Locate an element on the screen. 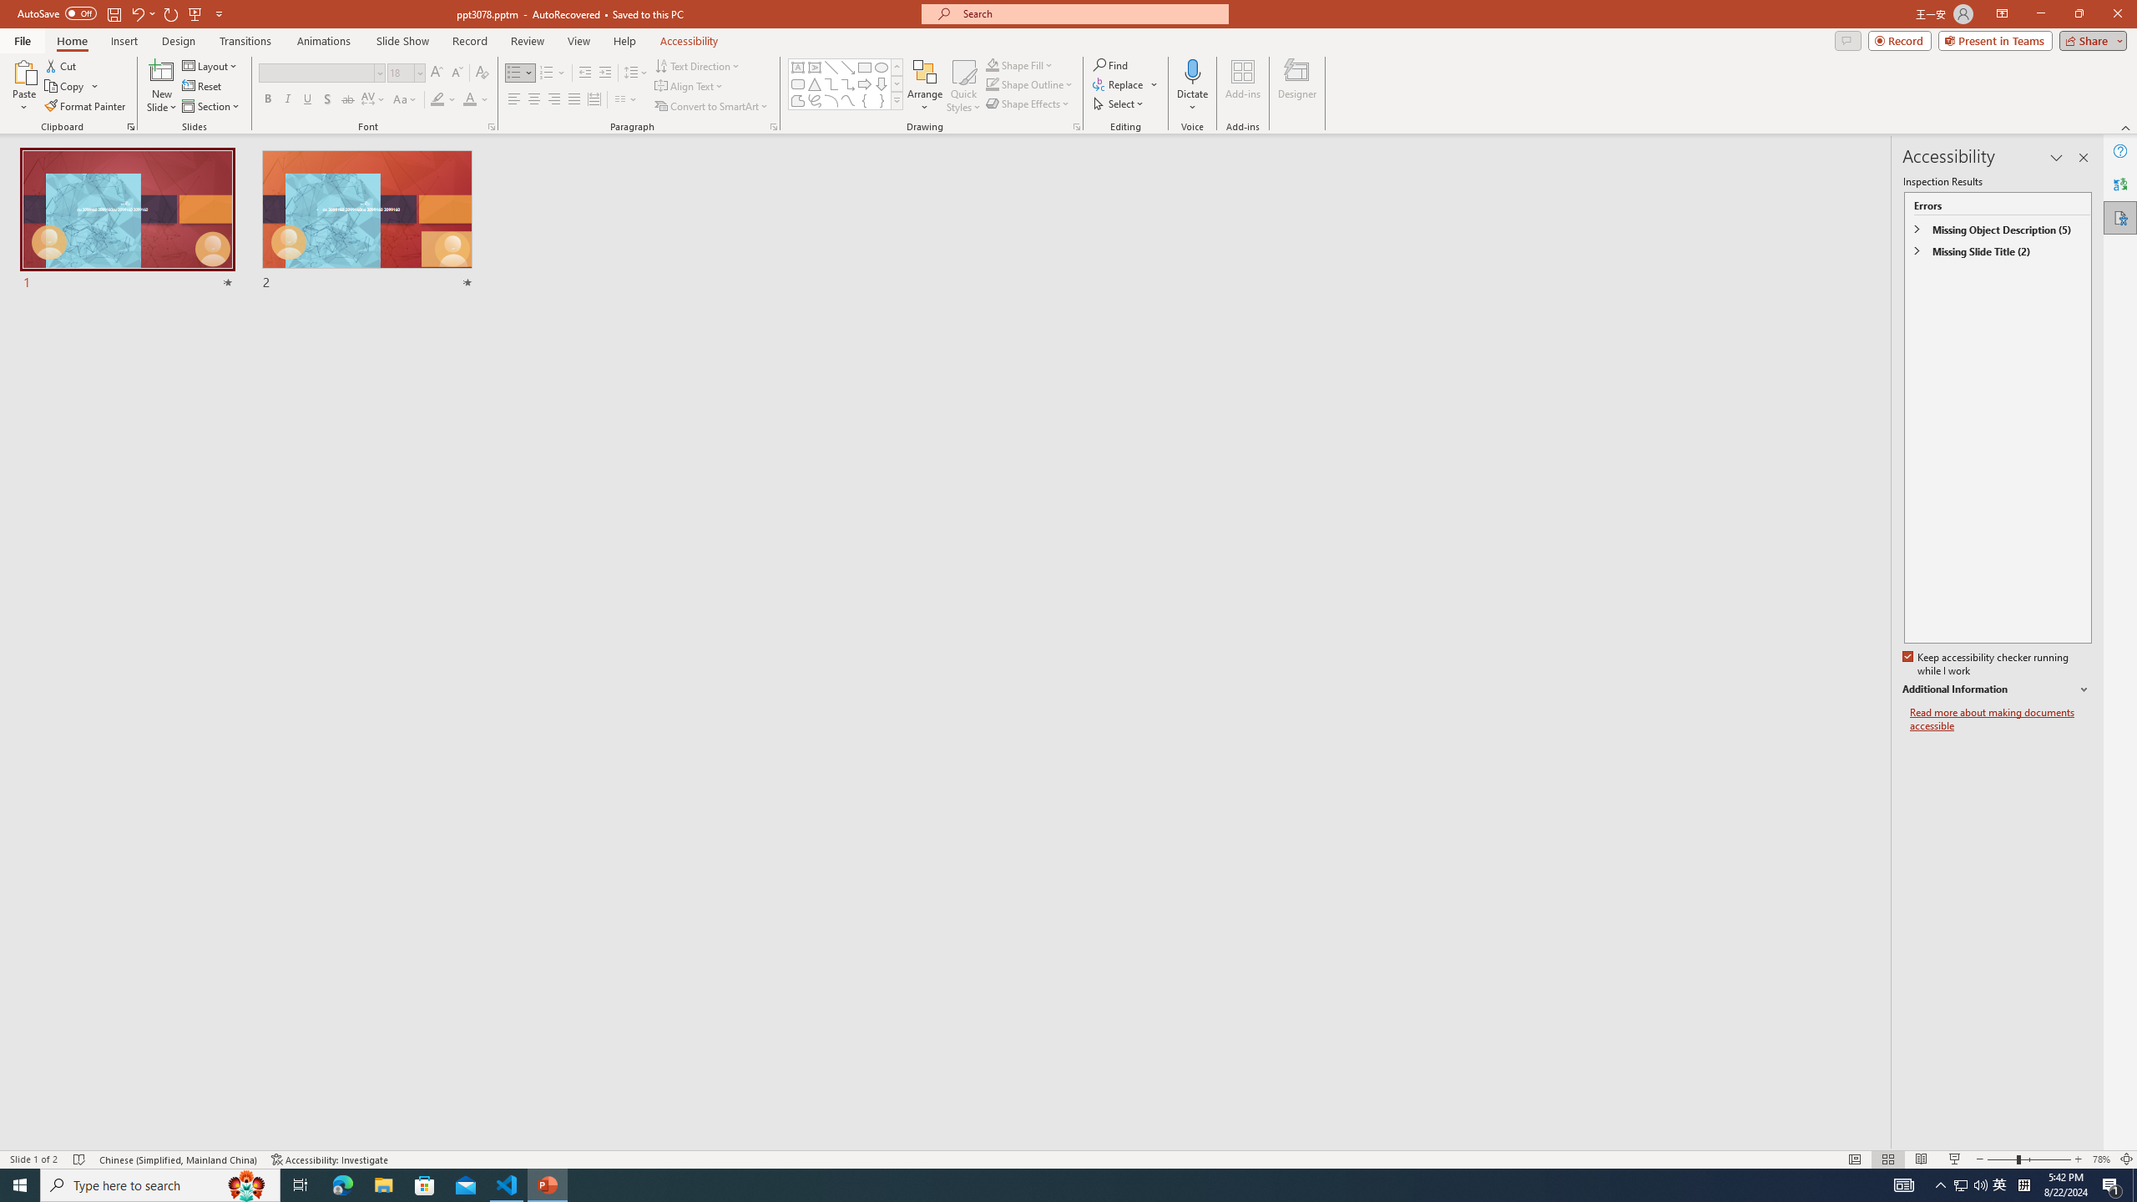  'Additional Information' is located at coordinates (1997, 689).